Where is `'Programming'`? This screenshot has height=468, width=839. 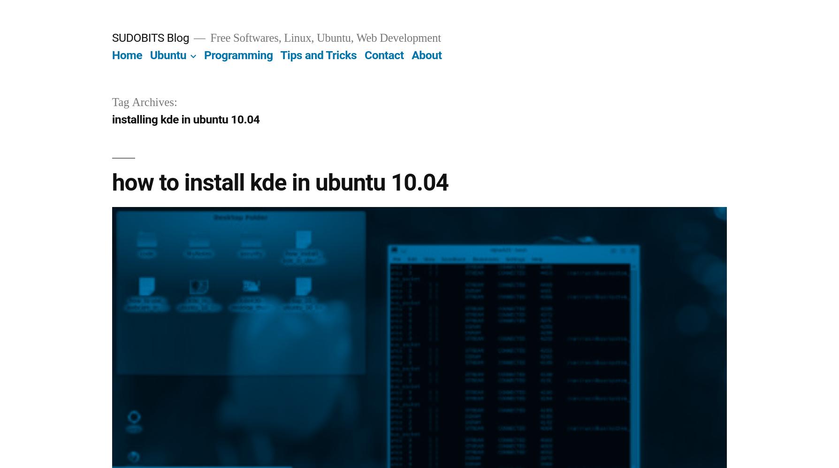
'Programming' is located at coordinates (203, 55).